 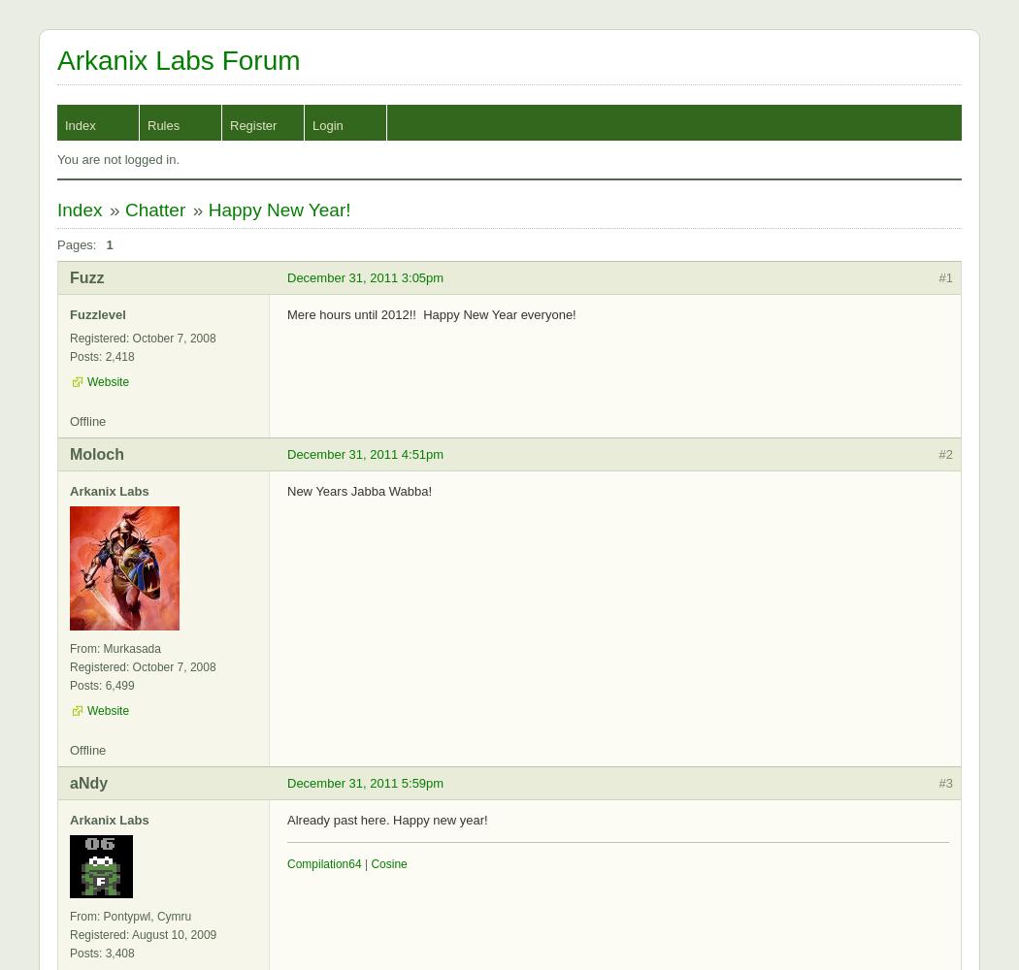 I want to click on 'December 31, 2011 4:51pm', so click(x=365, y=452).